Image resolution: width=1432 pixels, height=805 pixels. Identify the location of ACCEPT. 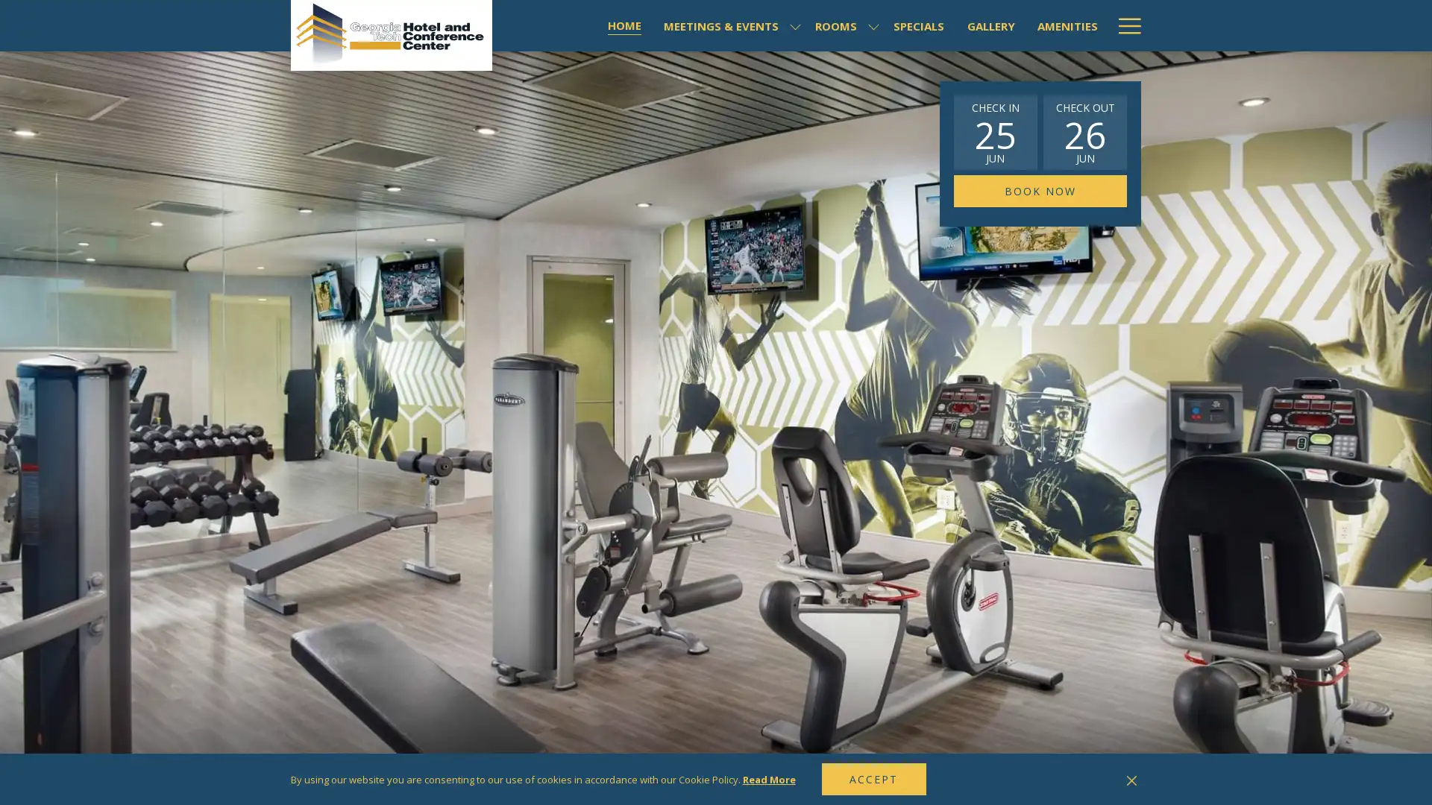
(873, 778).